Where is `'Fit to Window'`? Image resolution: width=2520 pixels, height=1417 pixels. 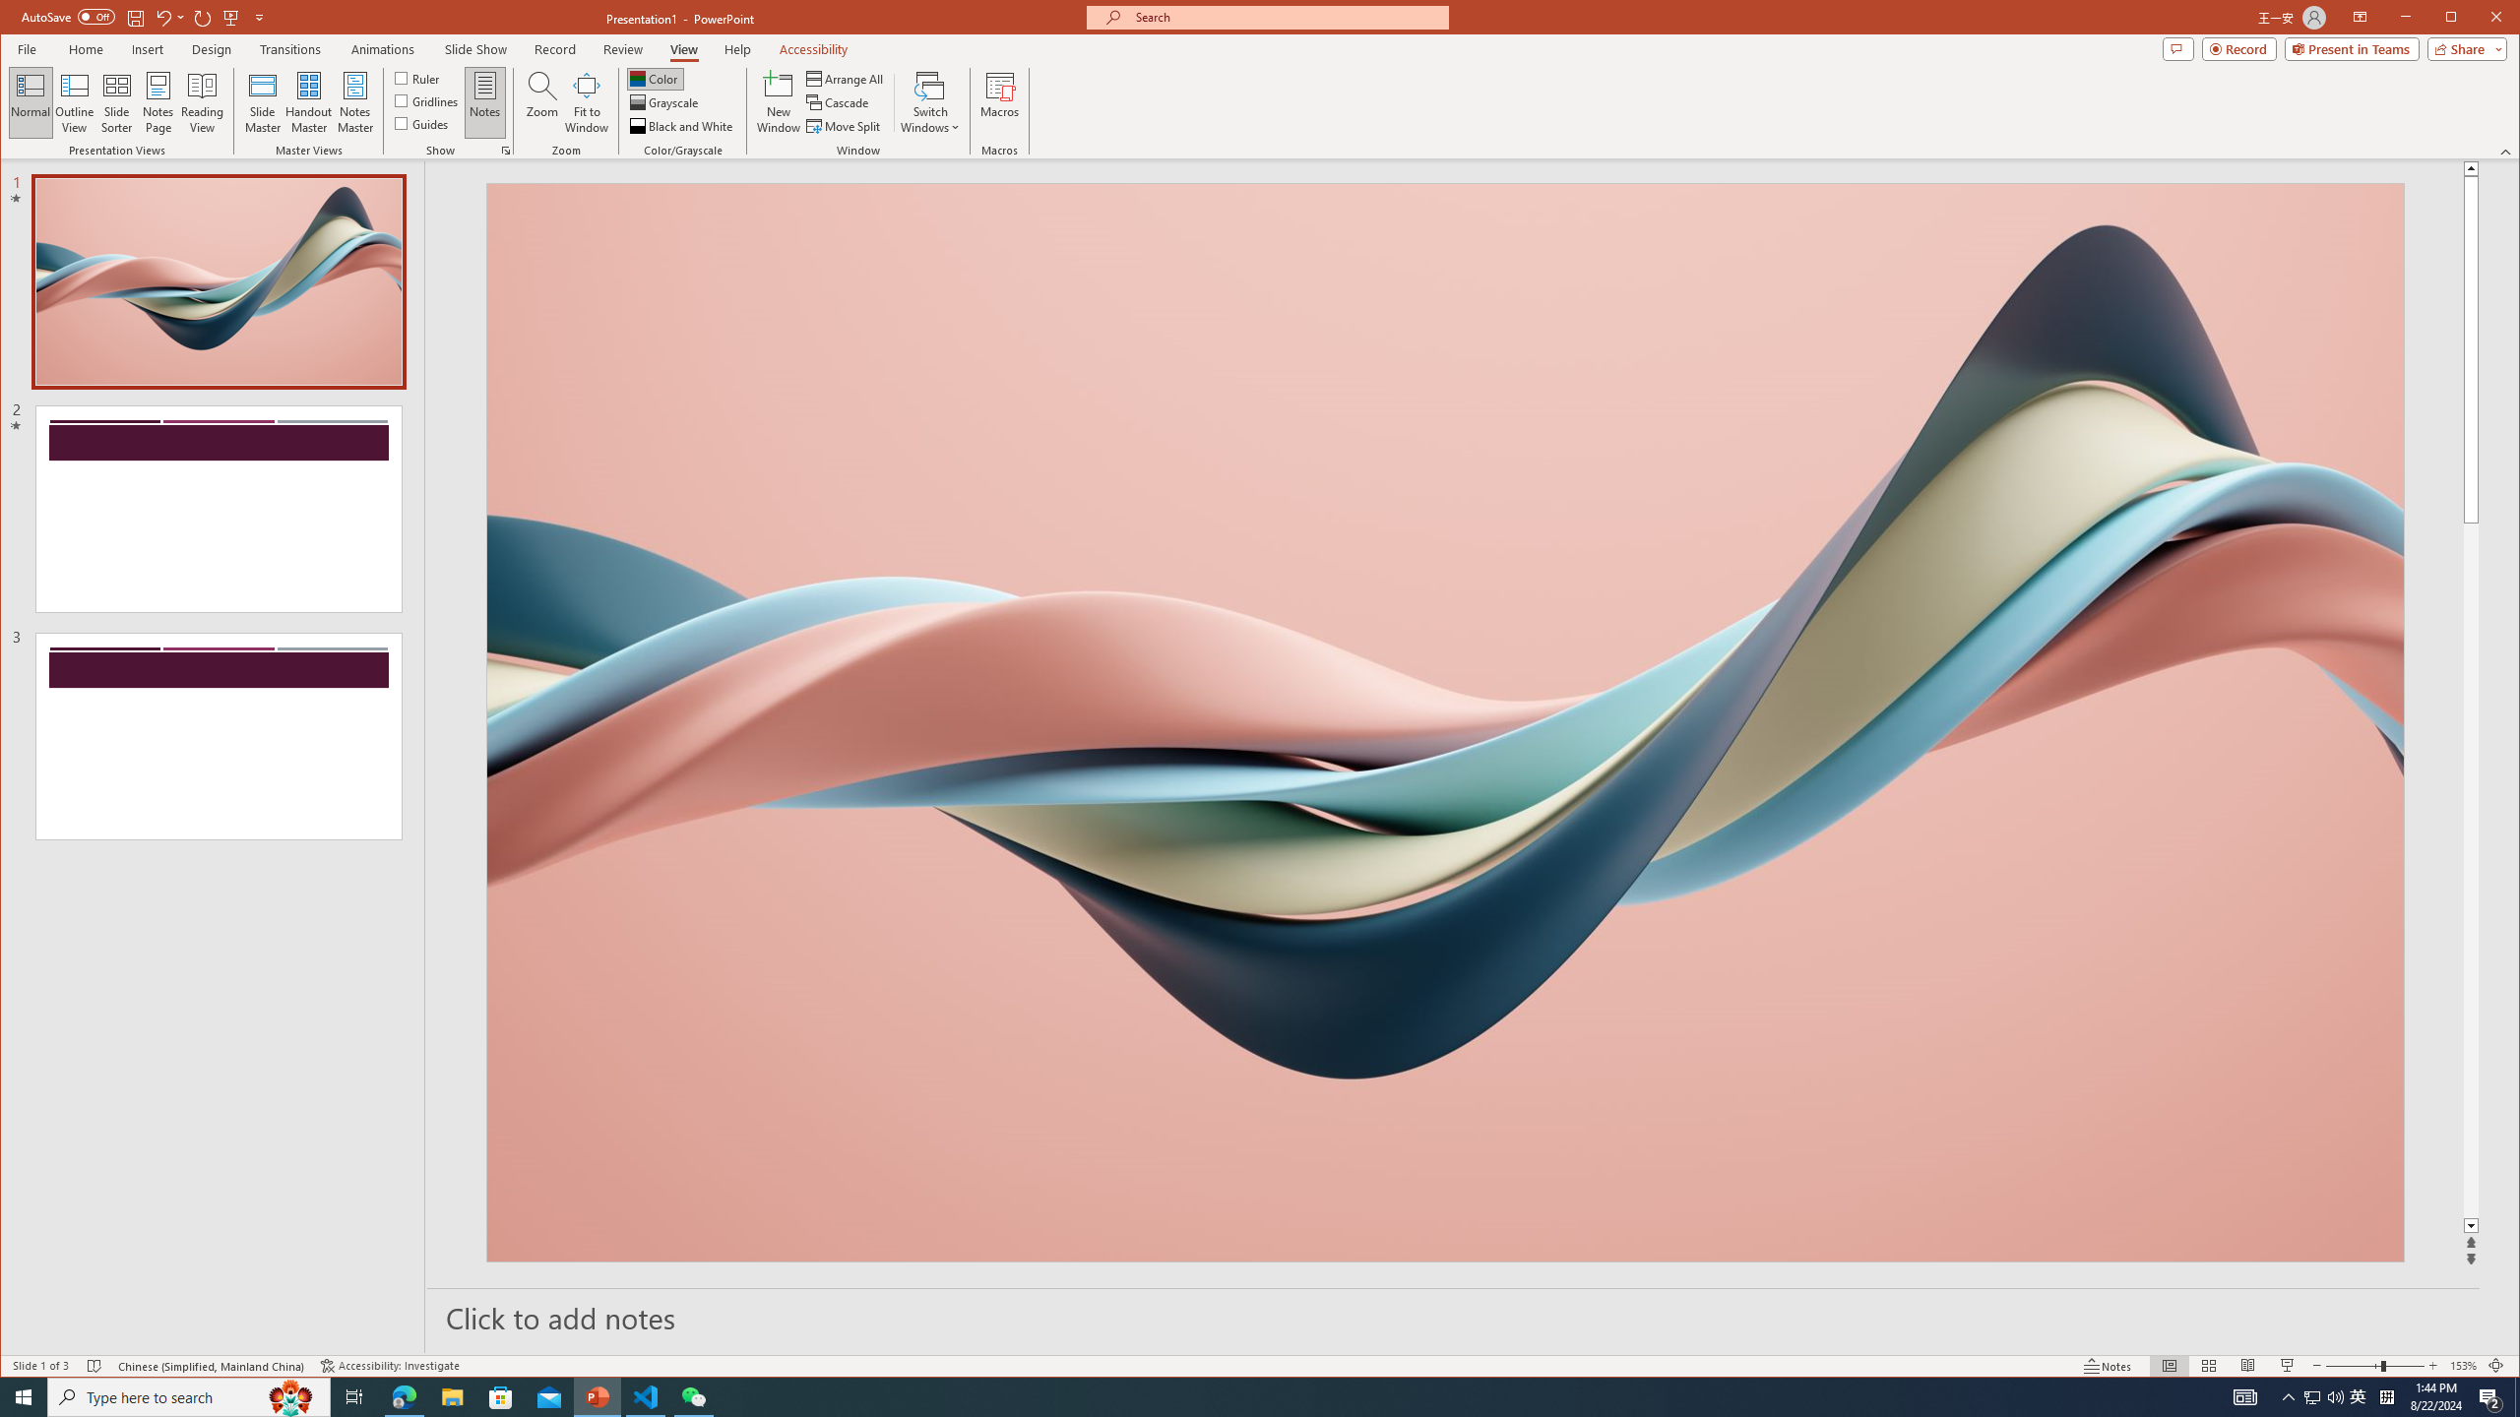
'Fit to Window' is located at coordinates (586, 101).